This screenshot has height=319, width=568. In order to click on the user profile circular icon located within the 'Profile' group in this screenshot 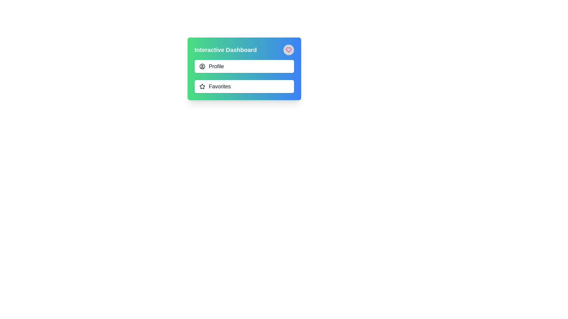, I will do `click(202, 66)`.